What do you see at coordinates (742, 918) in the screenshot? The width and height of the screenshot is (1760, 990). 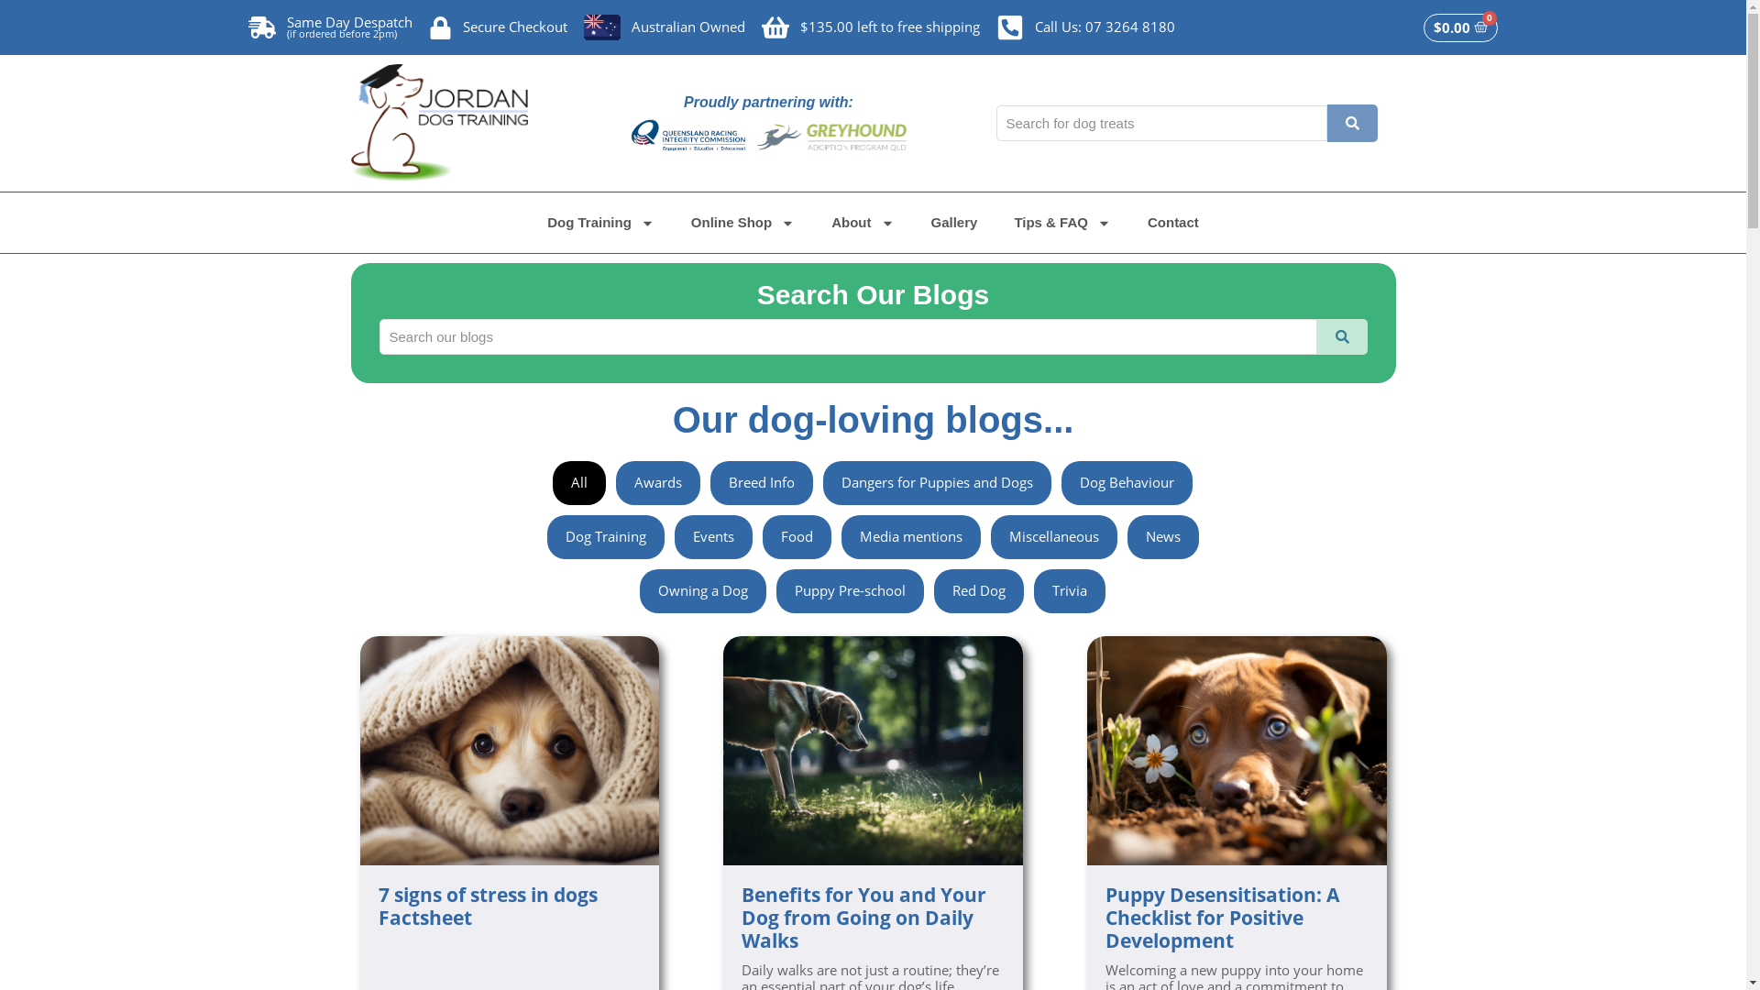 I see `'Benefits for You and Your Dog from Going on Daily Walks'` at bounding box center [742, 918].